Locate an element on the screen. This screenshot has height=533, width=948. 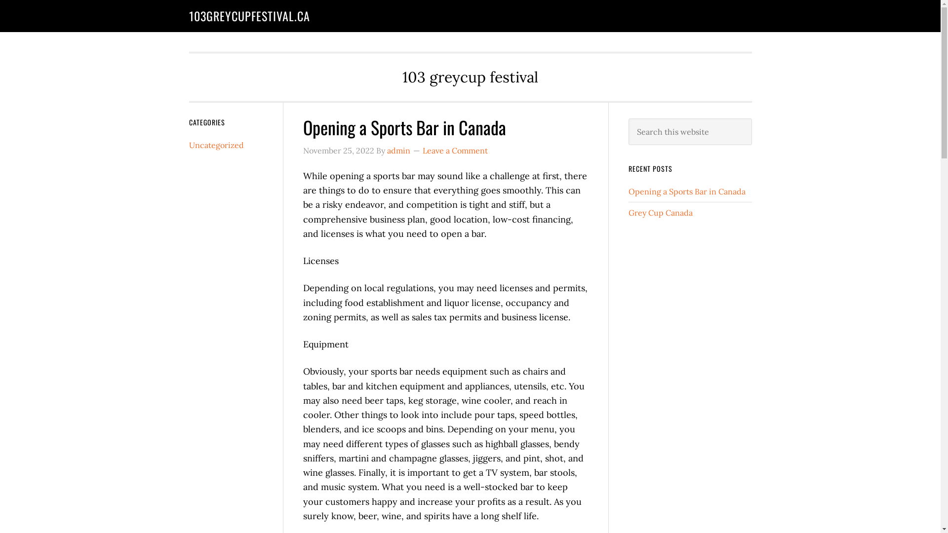
'Leave a Comment' is located at coordinates (422, 150).